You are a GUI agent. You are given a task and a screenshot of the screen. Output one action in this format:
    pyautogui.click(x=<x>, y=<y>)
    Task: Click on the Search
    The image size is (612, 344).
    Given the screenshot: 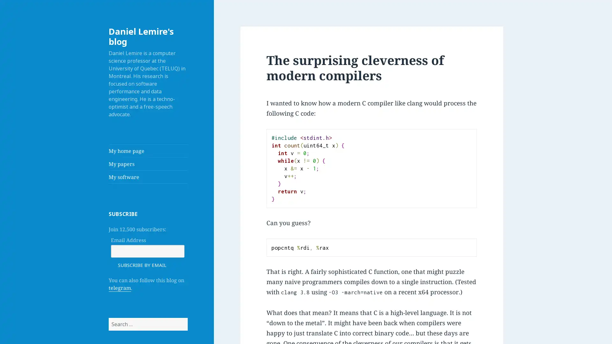 What is the action you would take?
    pyautogui.click(x=187, y=318)
    